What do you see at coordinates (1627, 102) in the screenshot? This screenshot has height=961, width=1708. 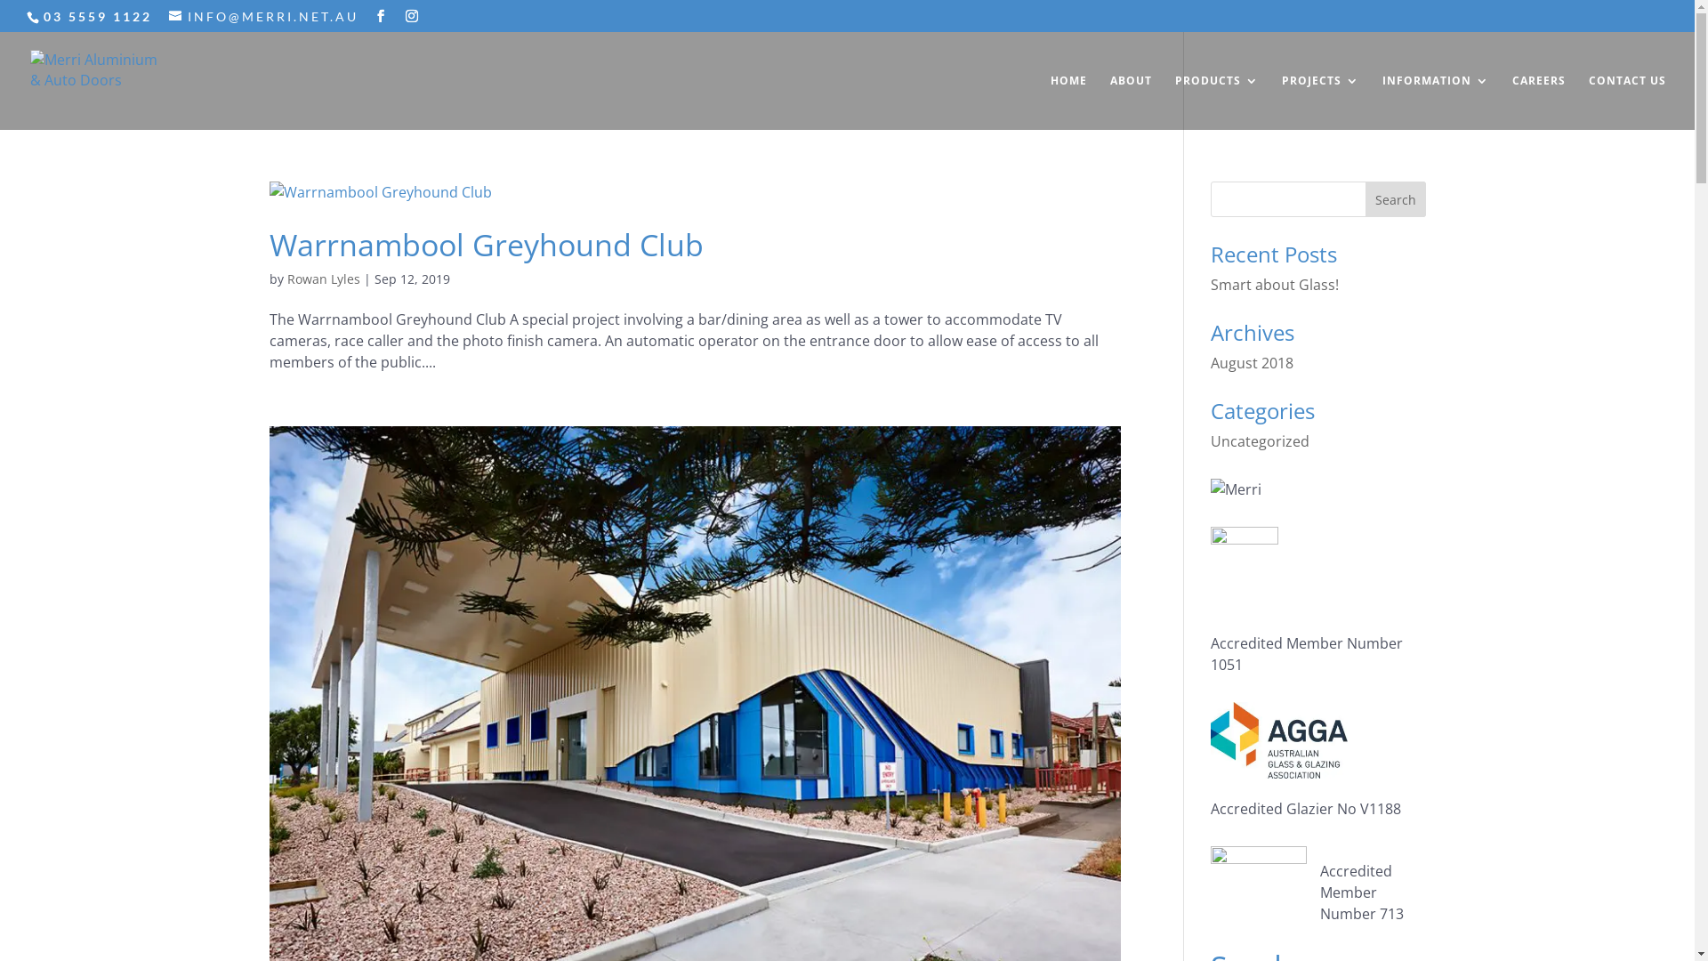 I see `'CONTACT US'` at bounding box center [1627, 102].